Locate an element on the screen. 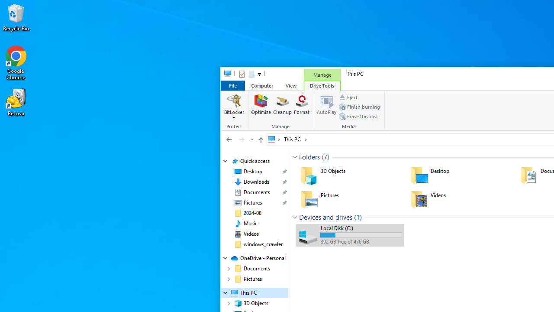 The width and height of the screenshot is (554, 312). 'File tab' is located at coordinates (232, 85).